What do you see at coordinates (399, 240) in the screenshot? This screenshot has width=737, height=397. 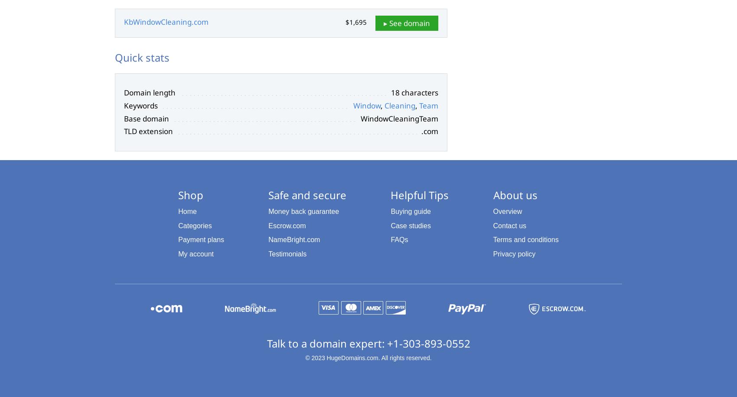 I see `'FAQs'` at bounding box center [399, 240].